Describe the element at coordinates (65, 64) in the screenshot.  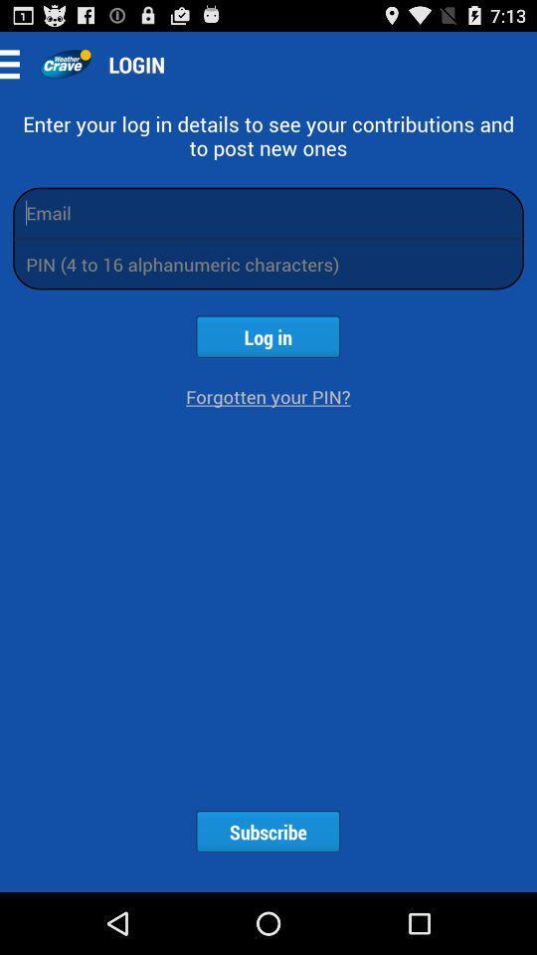
I see `the app to the left of login app` at that location.